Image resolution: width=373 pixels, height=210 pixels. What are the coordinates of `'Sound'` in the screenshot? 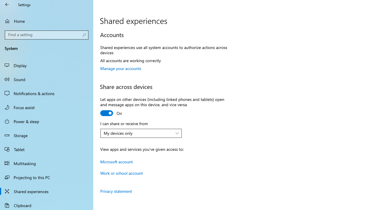 It's located at (47, 79).